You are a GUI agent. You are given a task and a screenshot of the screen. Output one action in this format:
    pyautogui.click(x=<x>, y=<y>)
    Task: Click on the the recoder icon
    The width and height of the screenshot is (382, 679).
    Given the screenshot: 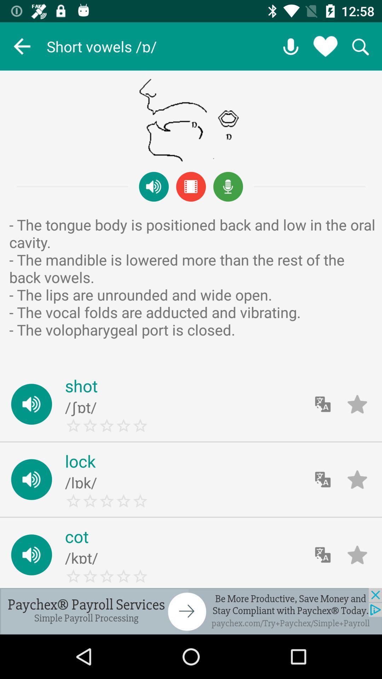 What is the action you would take?
    pyautogui.click(x=228, y=187)
    